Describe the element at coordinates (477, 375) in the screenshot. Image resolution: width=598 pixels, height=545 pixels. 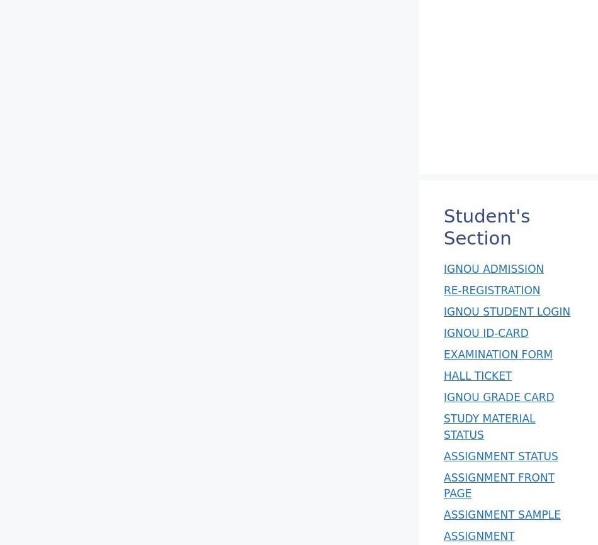
I see `'HALL TICKET'` at that location.